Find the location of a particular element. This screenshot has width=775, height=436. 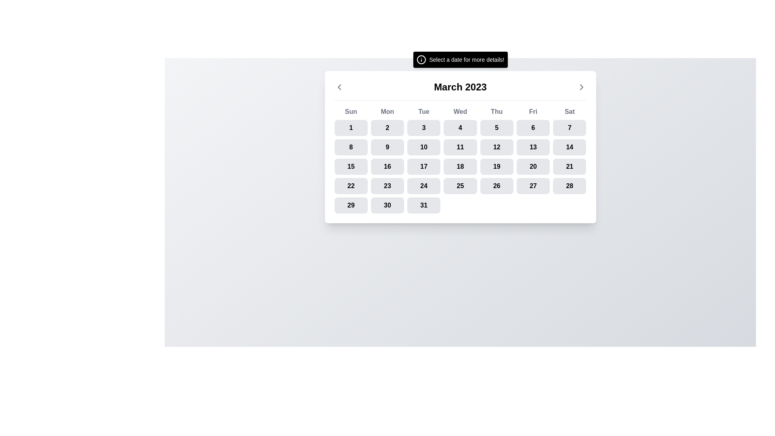

the informational tooltip that provides guidance or extra context about selecting a date on the calendar, located directly above the calendar component is located at coordinates (460, 59).